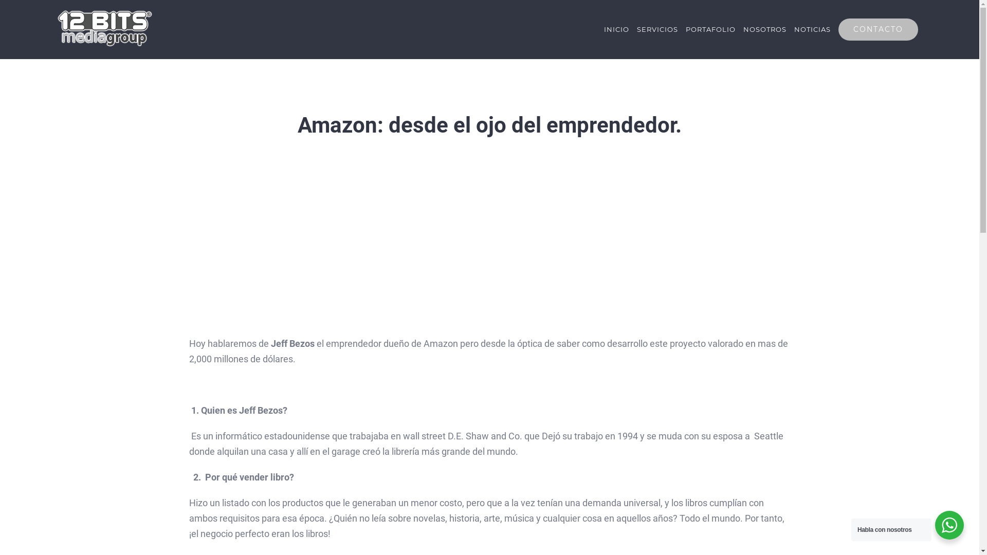 Image resolution: width=987 pixels, height=555 pixels. What do you see at coordinates (765, 29) in the screenshot?
I see `'NOSOTROS'` at bounding box center [765, 29].